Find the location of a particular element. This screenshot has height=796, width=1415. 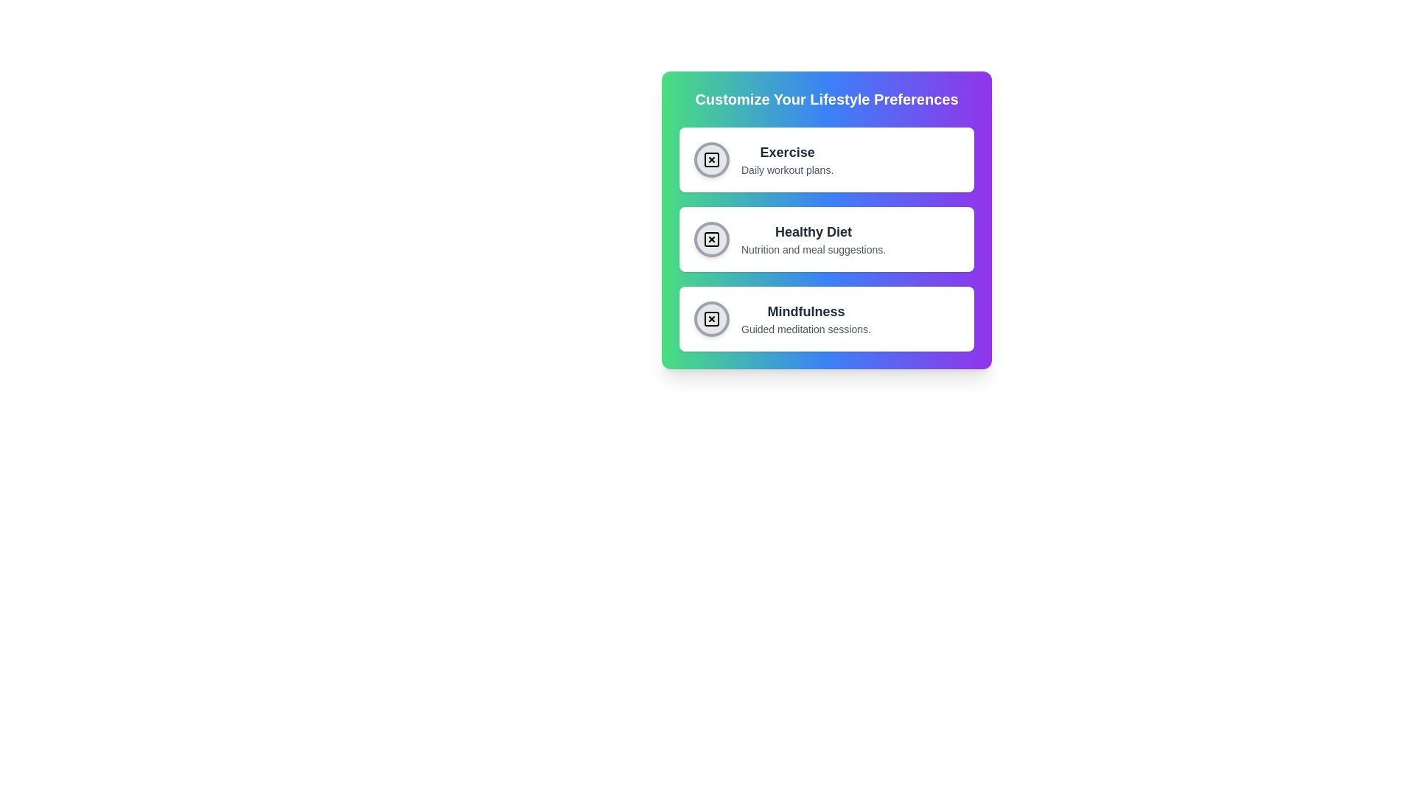

the 'Healthy Diet' interactive card, which is the second card in a vertical list of three cards, featuring a white background, rounded corners, and a circular icon containing a '×' on the left side is located at coordinates (827, 238).